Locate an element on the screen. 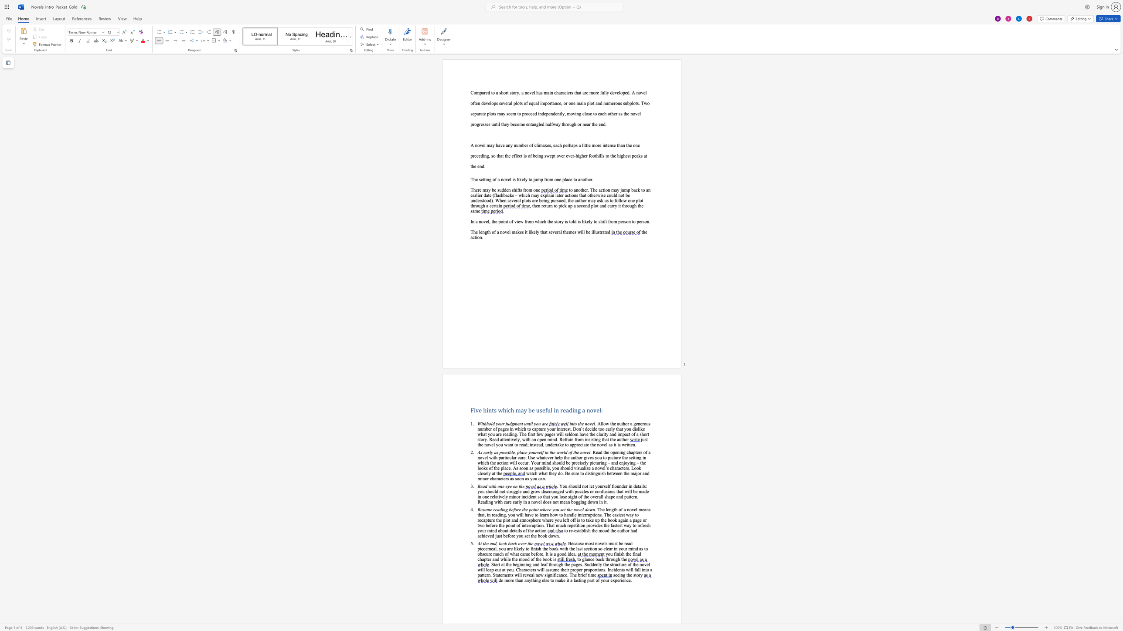  the 2th character "i" in the text is located at coordinates (513, 496).